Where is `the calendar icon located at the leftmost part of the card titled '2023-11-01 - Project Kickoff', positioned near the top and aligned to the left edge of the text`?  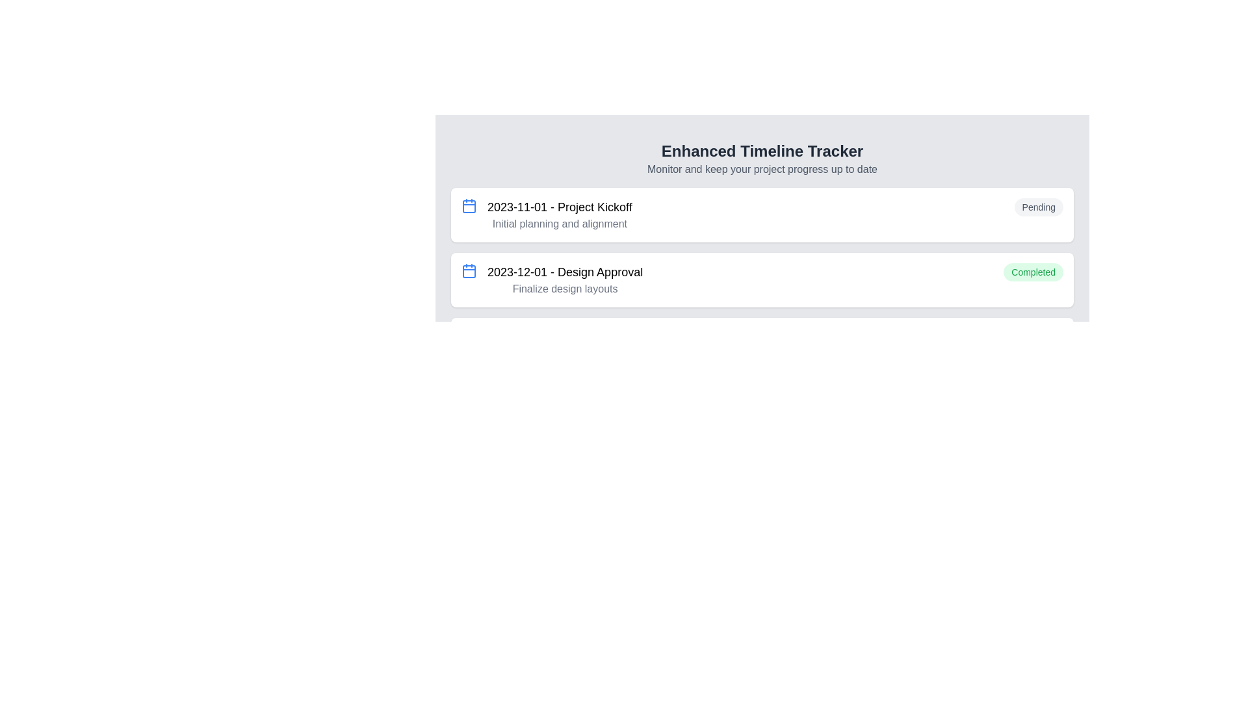
the calendar icon located at the leftmost part of the card titled '2023-11-01 - Project Kickoff', positioned near the top and aligned to the left edge of the text is located at coordinates (468, 205).